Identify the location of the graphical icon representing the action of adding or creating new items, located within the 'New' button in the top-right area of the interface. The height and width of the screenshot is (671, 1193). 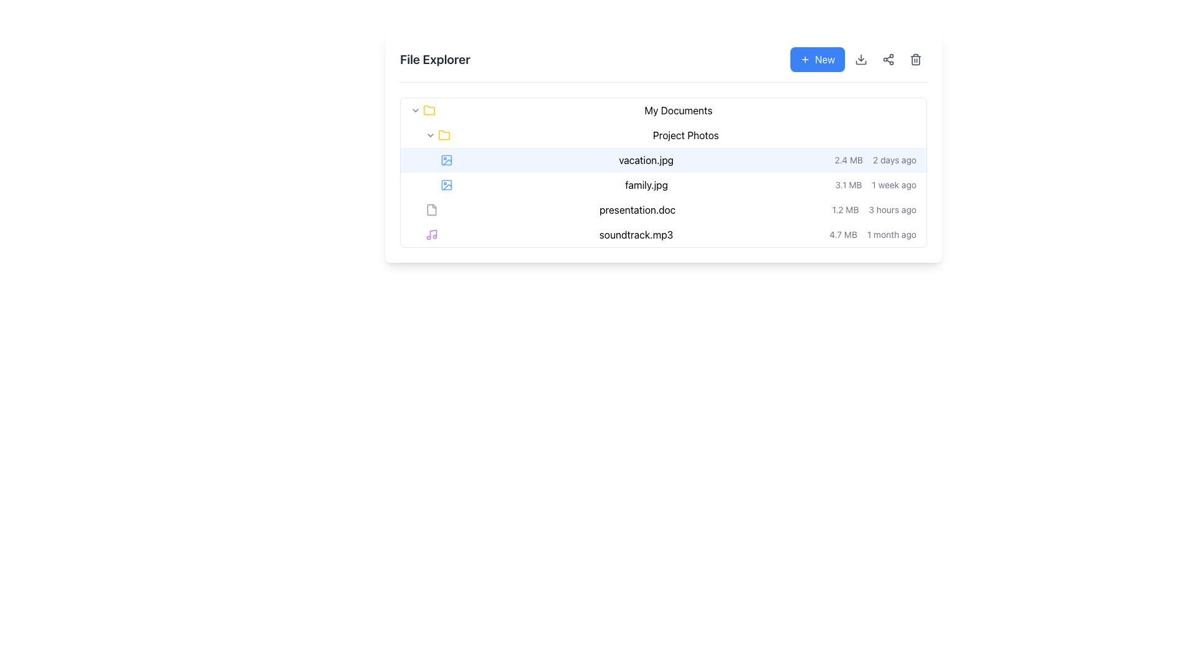
(805, 60).